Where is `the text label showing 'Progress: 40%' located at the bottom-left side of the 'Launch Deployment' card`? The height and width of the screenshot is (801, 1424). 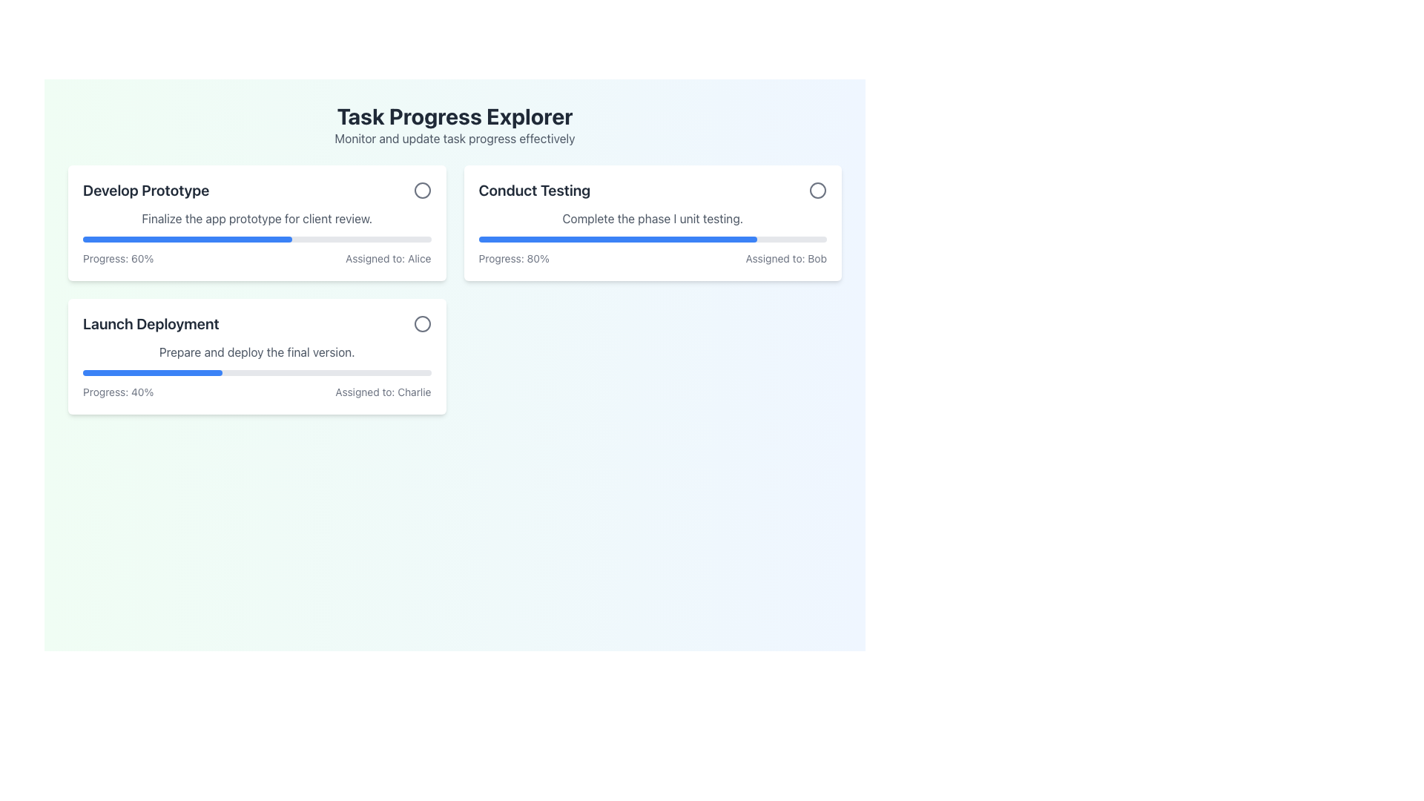 the text label showing 'Progress: 40%' located at the bottom-left side of the 'Launch Deployment' card is located at coordinates (117, 391).